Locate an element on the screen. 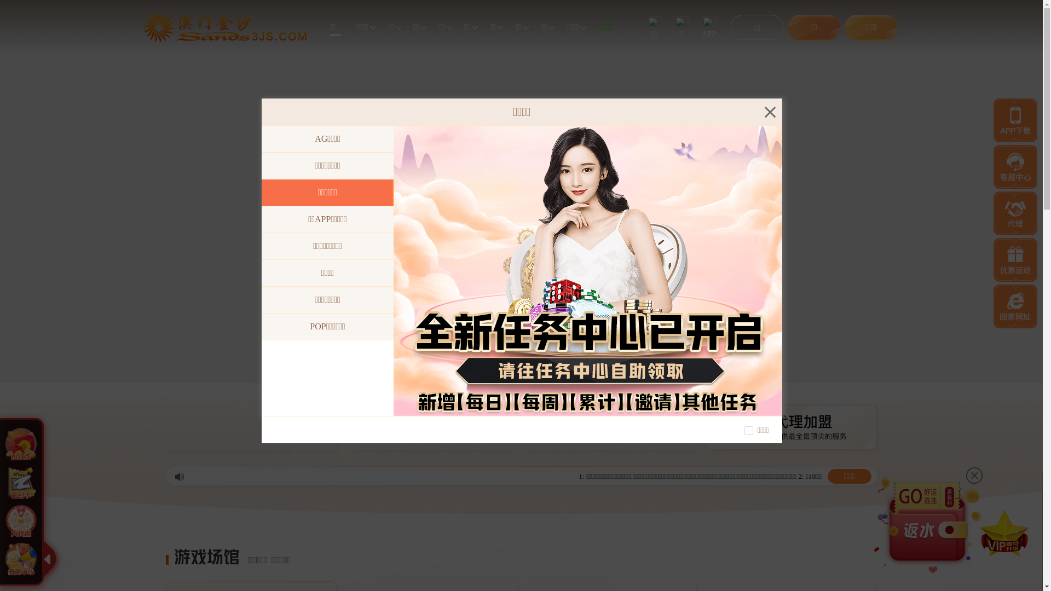 This screenshot has width=1051, height=591. 'APP' is located at coordinates (709, 27).